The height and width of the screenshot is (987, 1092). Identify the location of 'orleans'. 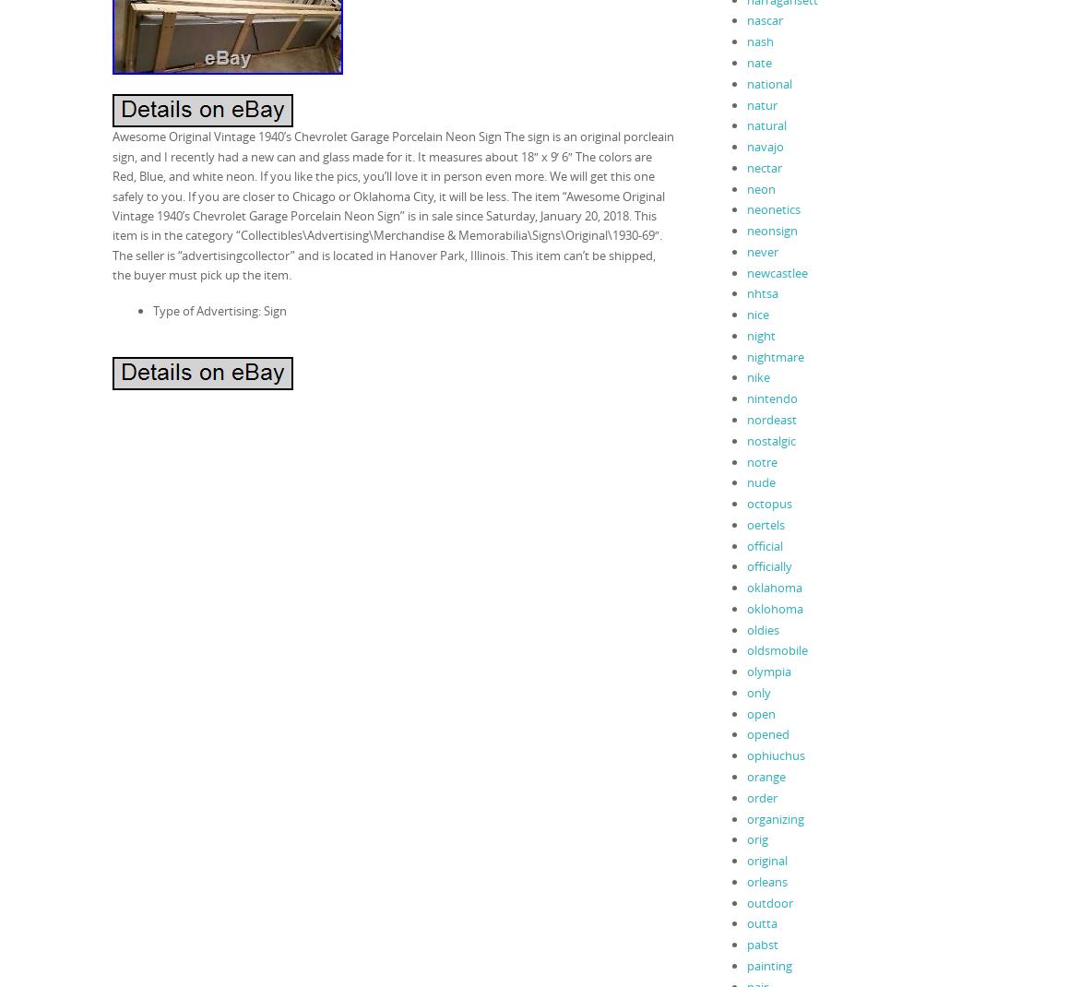
(745, 879).